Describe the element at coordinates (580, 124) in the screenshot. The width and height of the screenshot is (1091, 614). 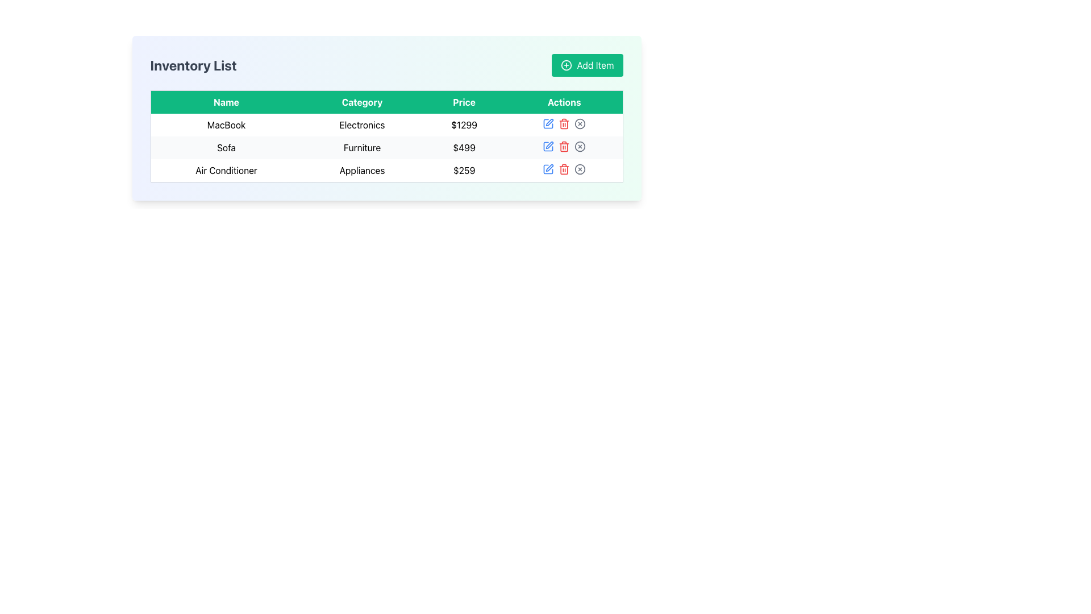
I see `the circular 'X' icon in the Actions column of the top row of the table` at that location.